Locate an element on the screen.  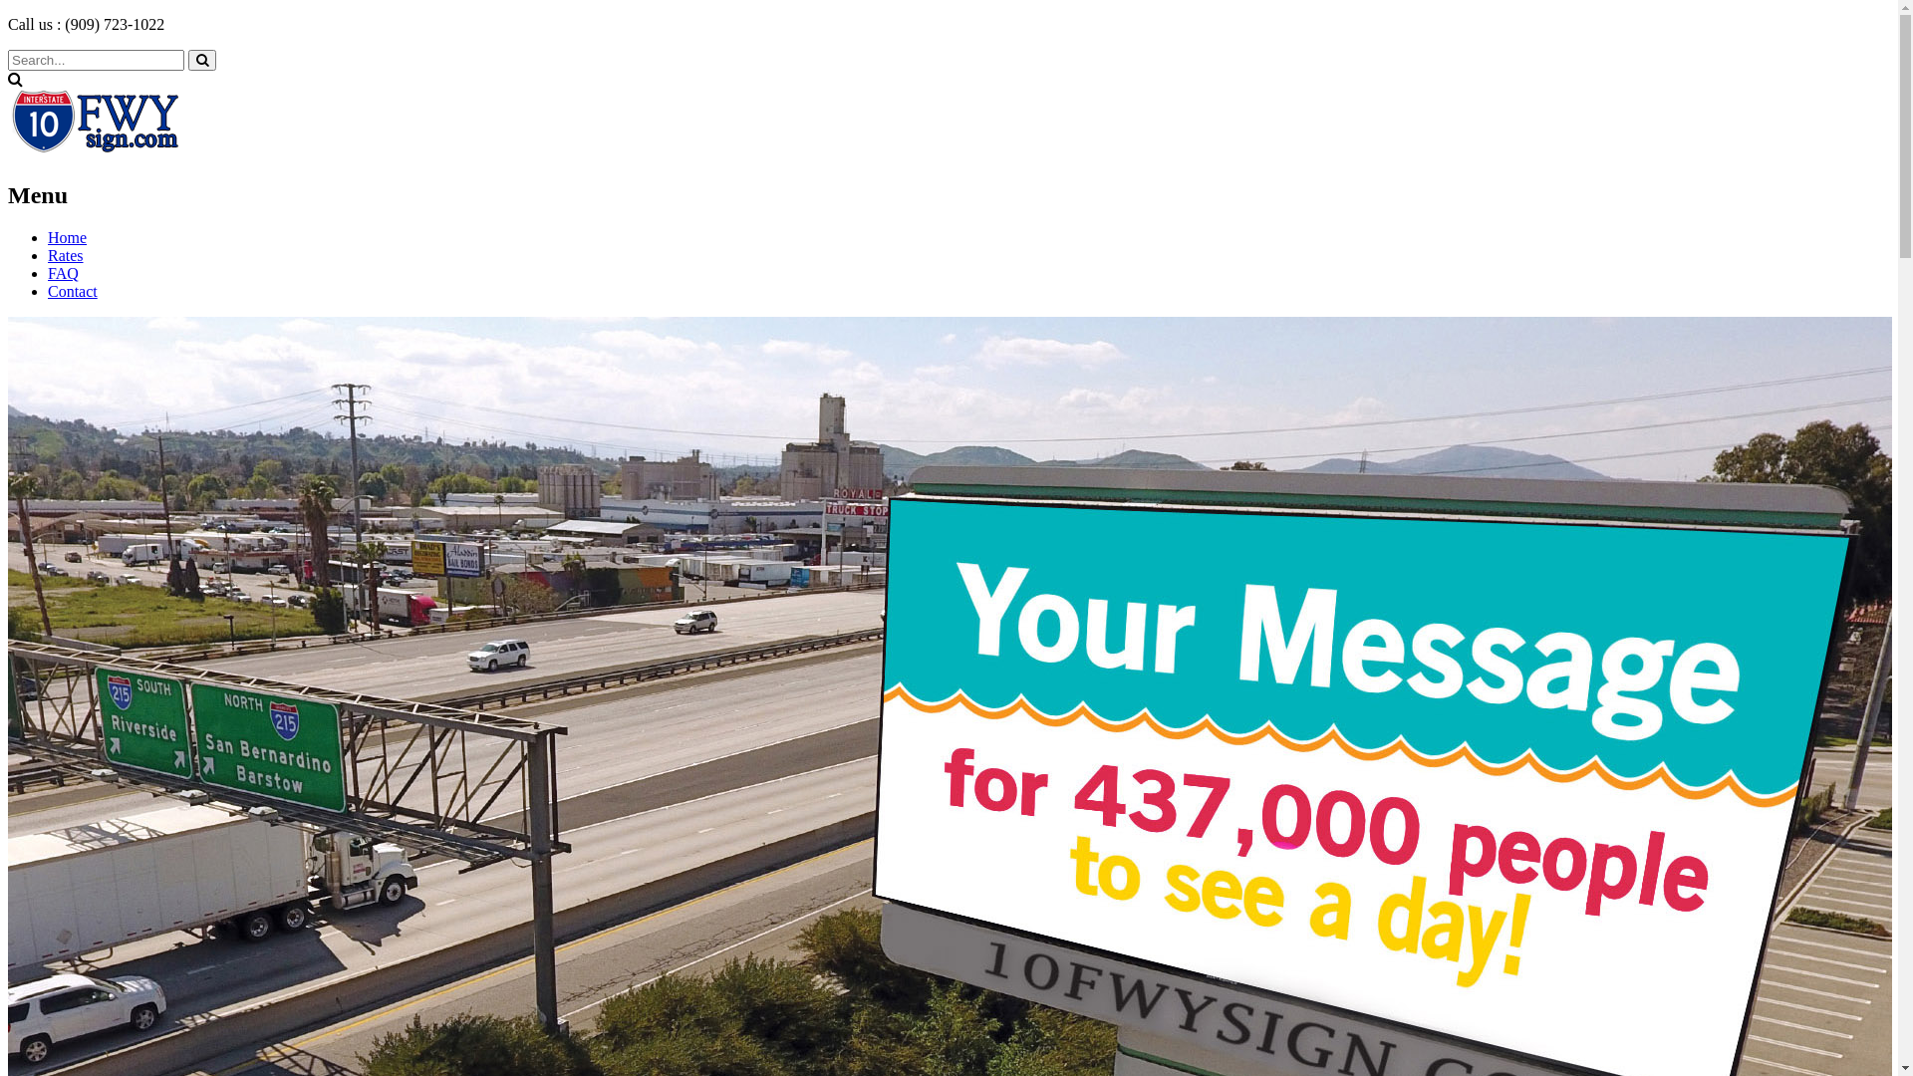
'Rates' is located at coordinates (66, 254).